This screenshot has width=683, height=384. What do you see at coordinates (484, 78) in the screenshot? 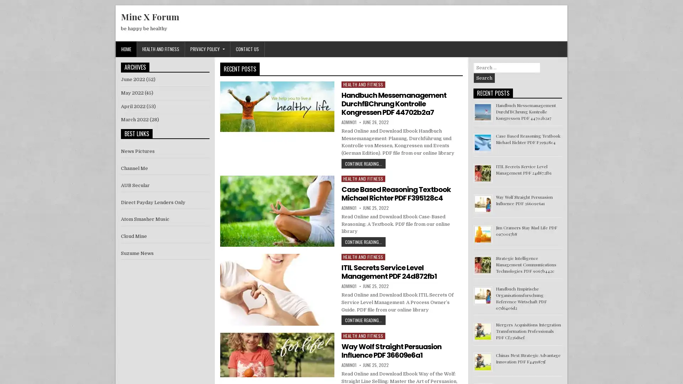
I see `Search` at bounding box center [484, 78].